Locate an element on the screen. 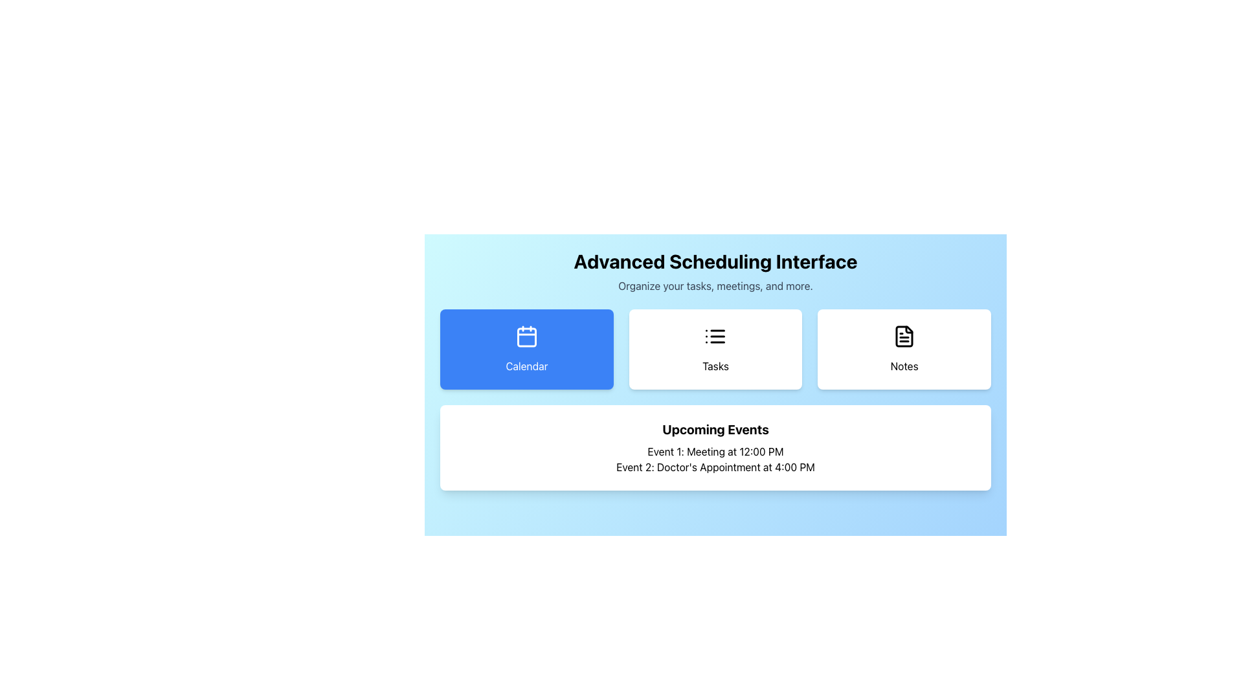 The image size is (1243, 699). header text located at the top-center of the interface, which serves as the main title for the application is located at coordinates (715, 261).